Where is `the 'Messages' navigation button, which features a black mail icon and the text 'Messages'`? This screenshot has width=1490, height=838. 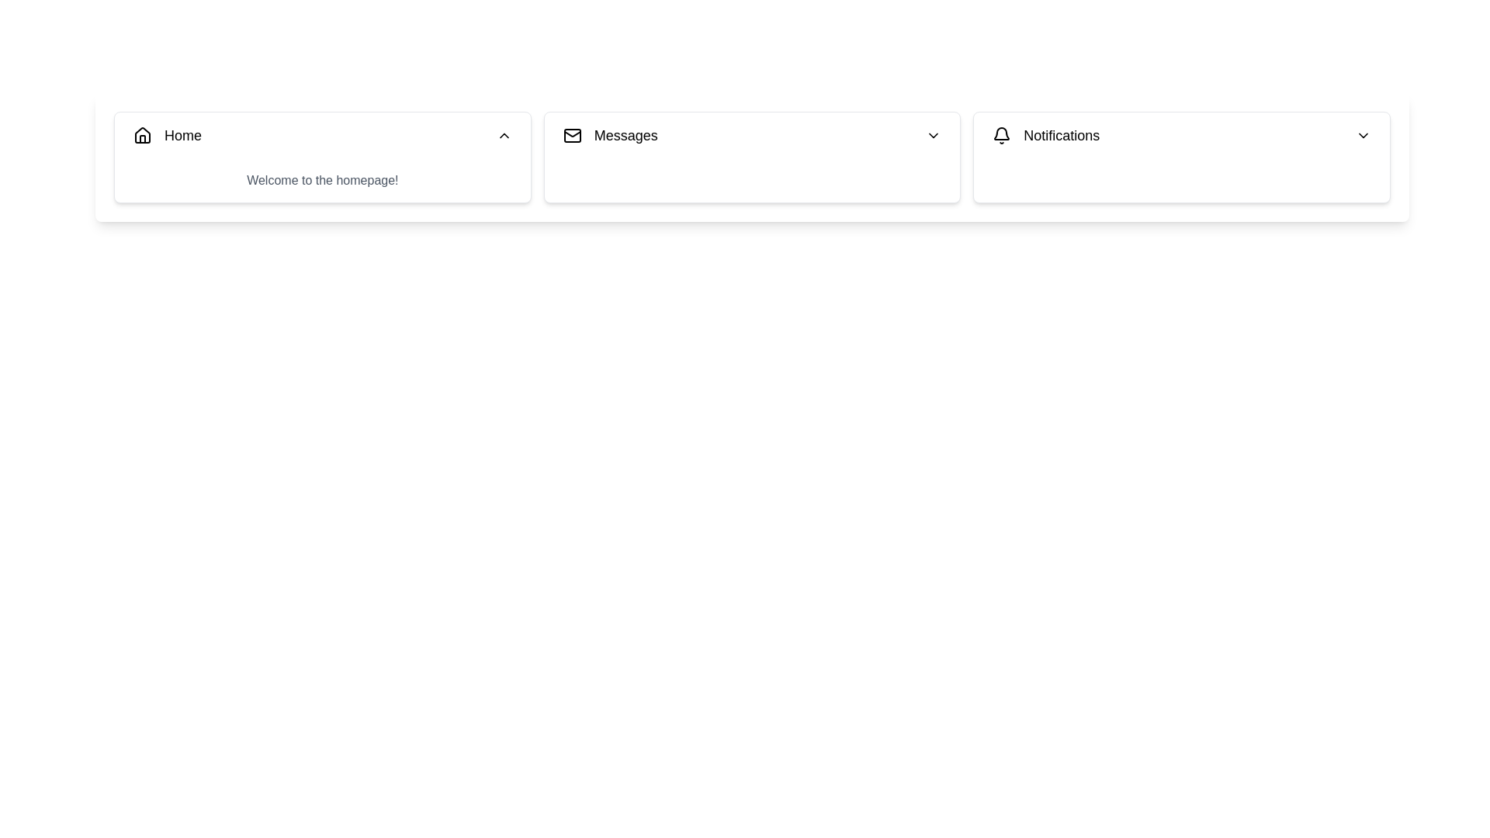 the 'Messages' navigation button, which features a black mail icon and the text 'Messages' is located at coordinates (609, 134).